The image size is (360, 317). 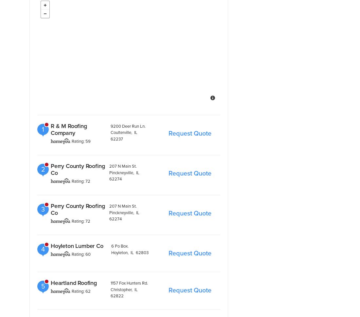 I want to click on 'R & M Roofing Company', so click(x=68, y=129).